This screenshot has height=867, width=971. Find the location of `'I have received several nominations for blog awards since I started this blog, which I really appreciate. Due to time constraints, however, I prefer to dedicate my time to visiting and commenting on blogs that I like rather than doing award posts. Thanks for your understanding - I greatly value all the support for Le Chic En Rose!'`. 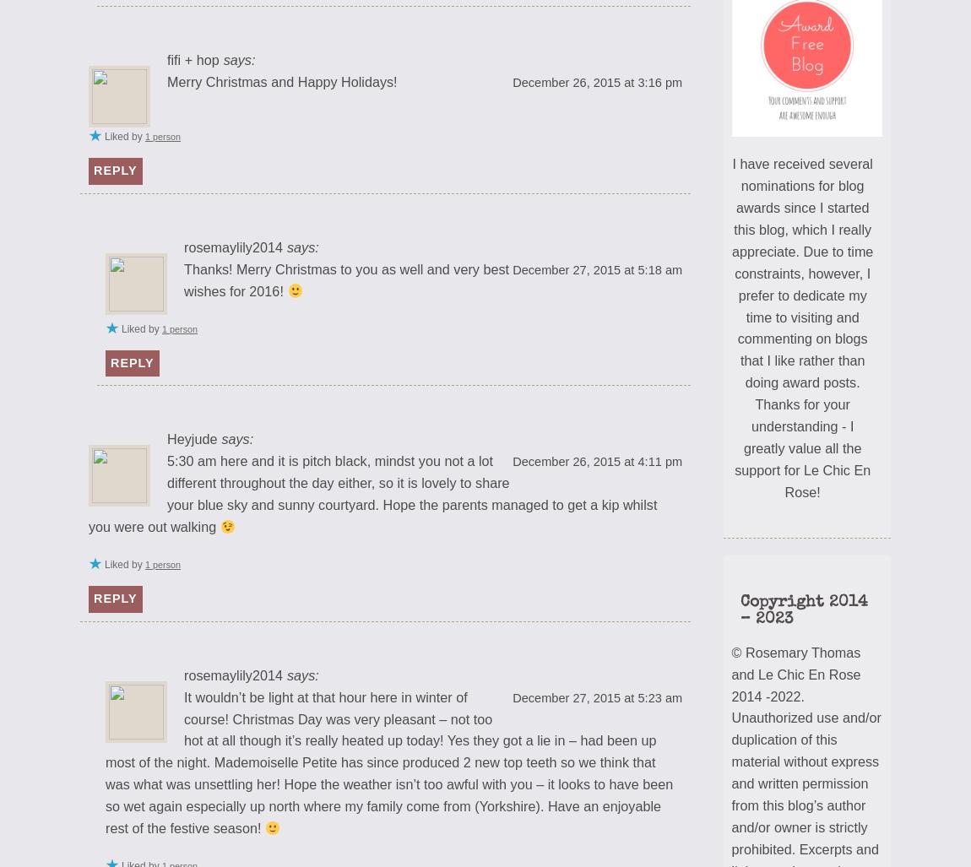

'I have received several nominations for blog awards since I started this blog, which I really appreciate. Due to time constraints, however, I prefer to dedicate my time to visiting and commenting on blogs that I like rather than doing award posts. Thanks for your understanding - I greatly value all the support for Le Chic En Rose!' is located at coordinates (731, 328).